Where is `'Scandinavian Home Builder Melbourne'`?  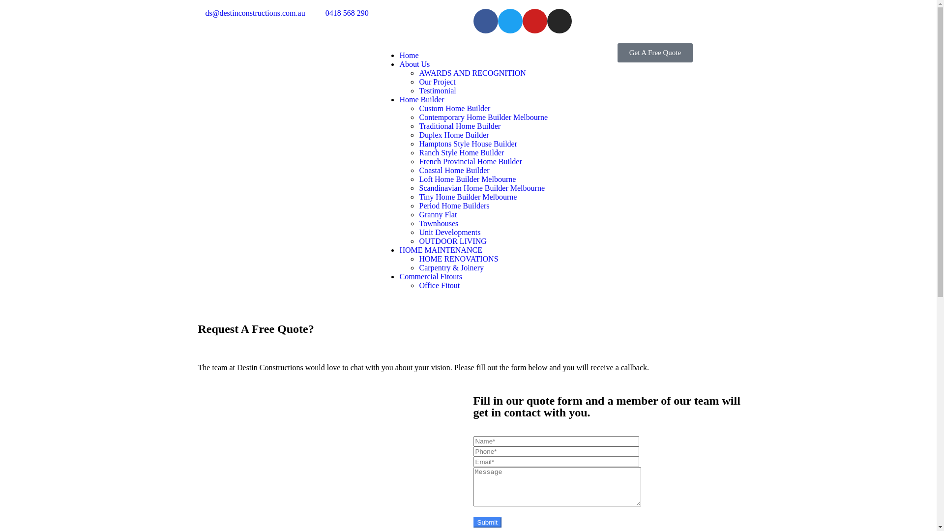 'Scandinavian Home Builder Melbourne' is located at coordinates (481, 188).